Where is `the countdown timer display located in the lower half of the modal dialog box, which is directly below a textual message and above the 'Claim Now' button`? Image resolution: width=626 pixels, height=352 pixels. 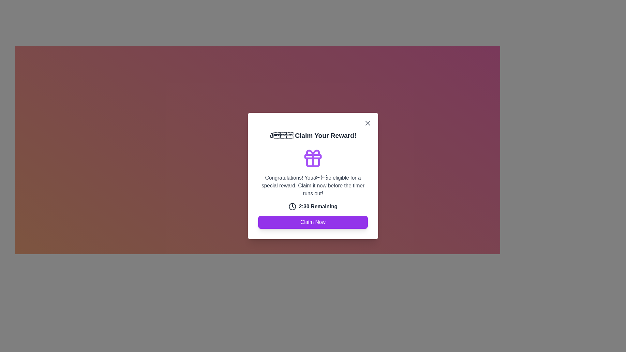
the countdown timer display located in the lower half of the modal dialog box, which is directly below a textual message and above the 'Claim Now' button is located at coordinates (313, 206).